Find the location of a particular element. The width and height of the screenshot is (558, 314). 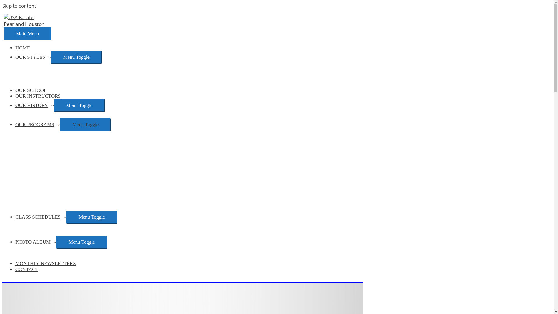

'HOME' is located at coordinates (22, 47).